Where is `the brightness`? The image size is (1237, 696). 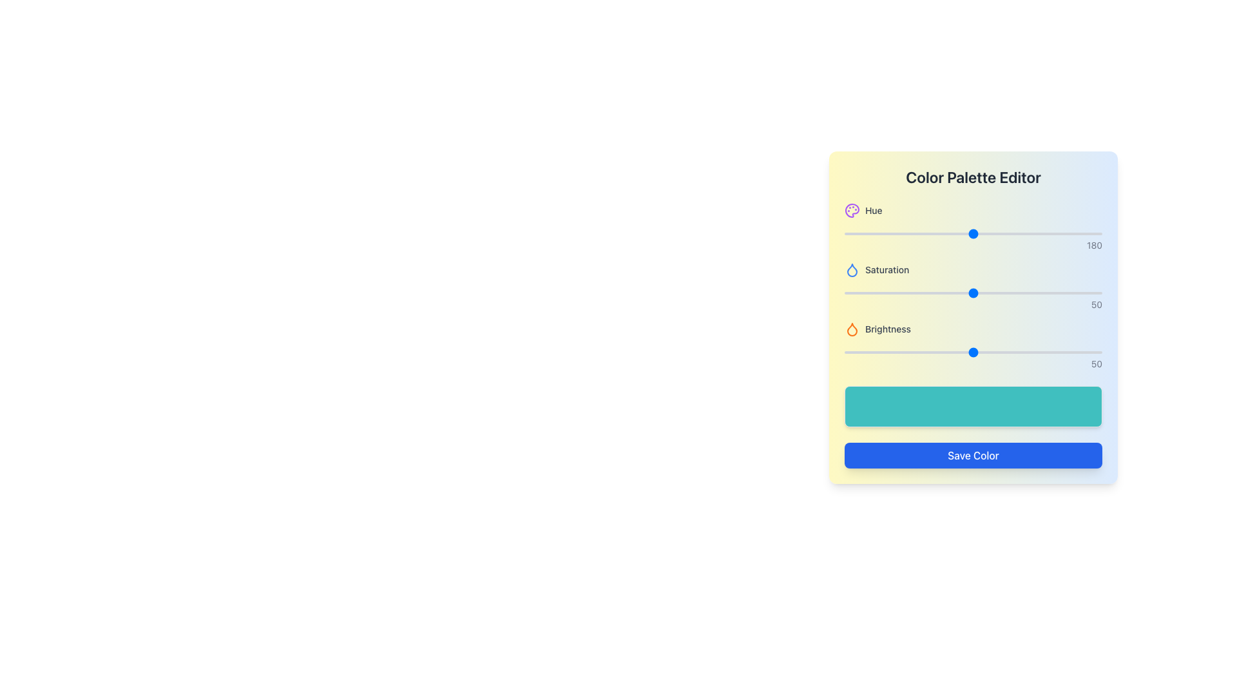
the brightness is located at coordinates (1045, 353).